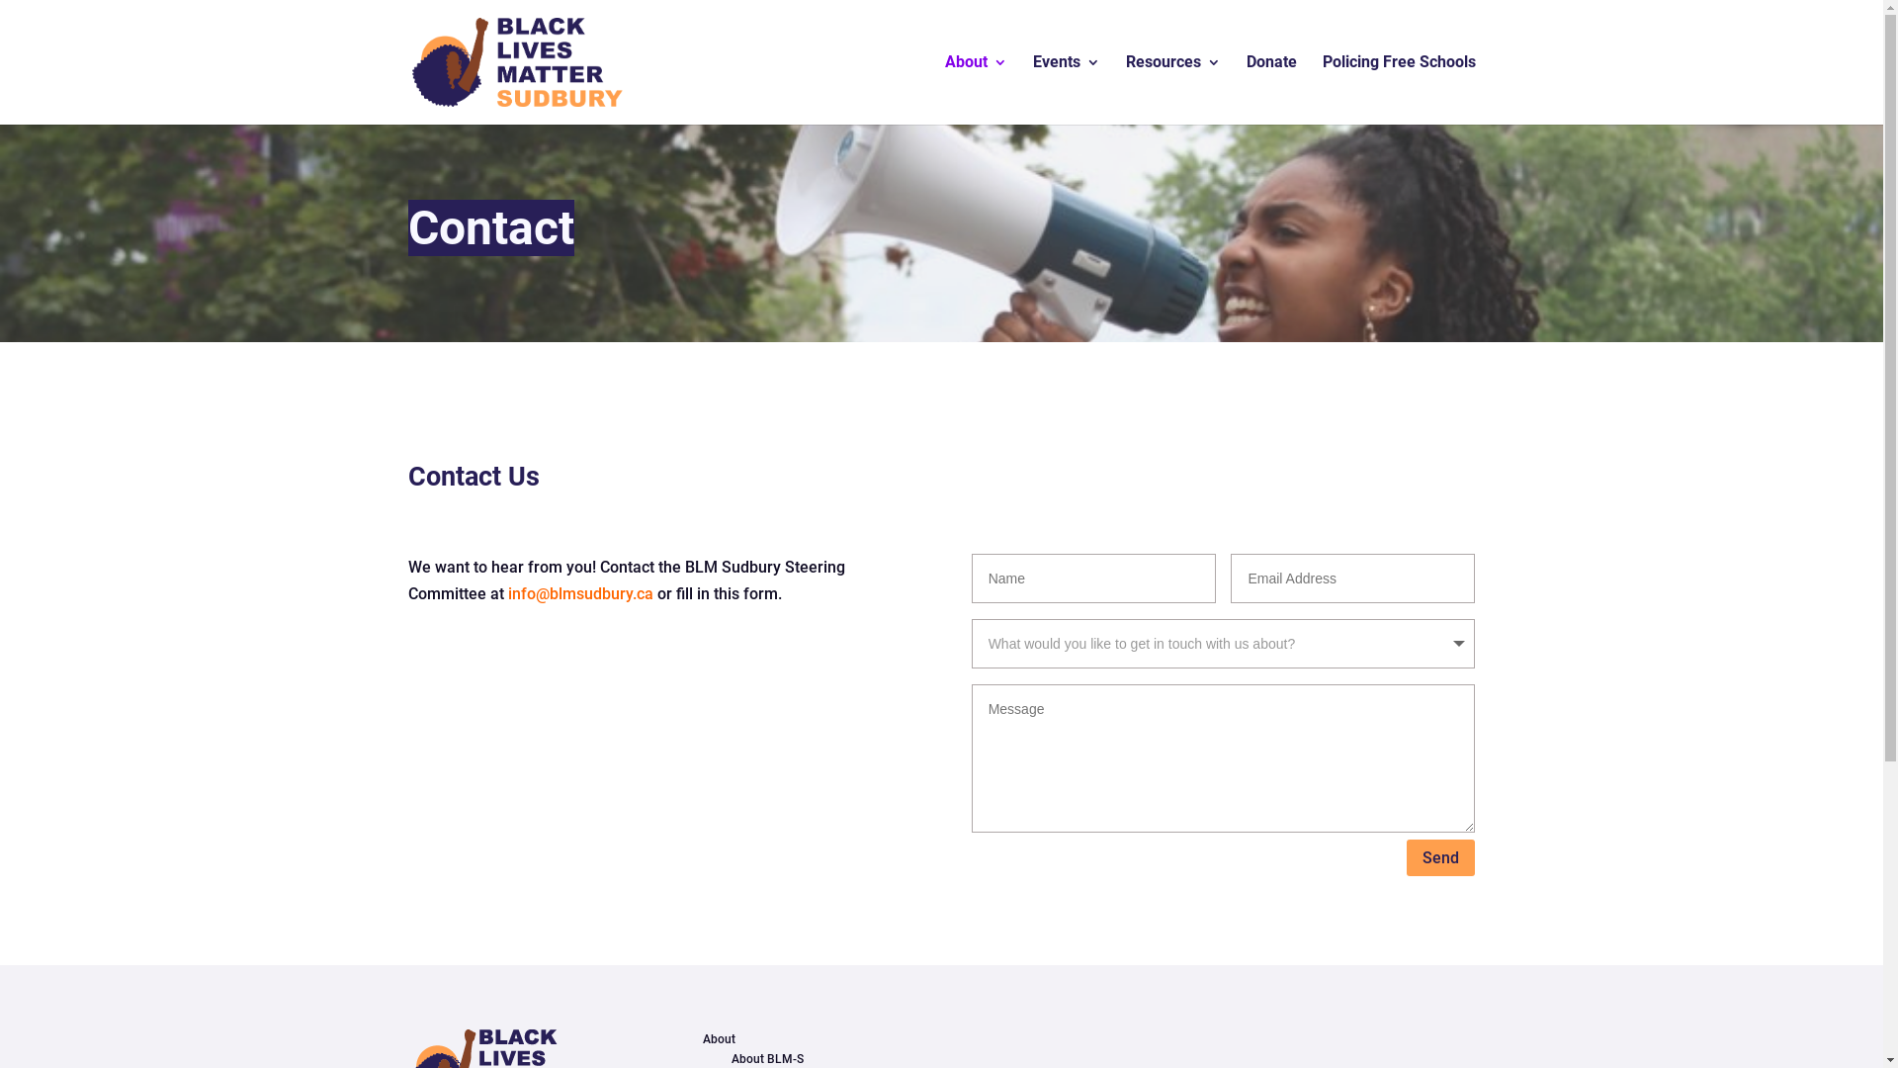 The image size is (1898, 1068). Describe the element at coordinates (579, 592) in the screenshot. I see `'info@blmsudbury.ca'` at that location.